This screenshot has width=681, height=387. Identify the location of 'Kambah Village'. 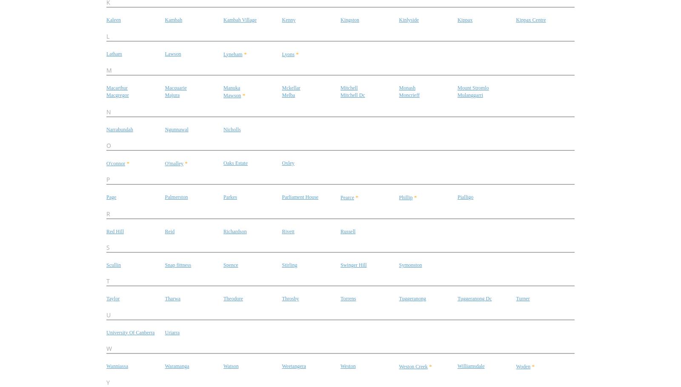
(240, 20).